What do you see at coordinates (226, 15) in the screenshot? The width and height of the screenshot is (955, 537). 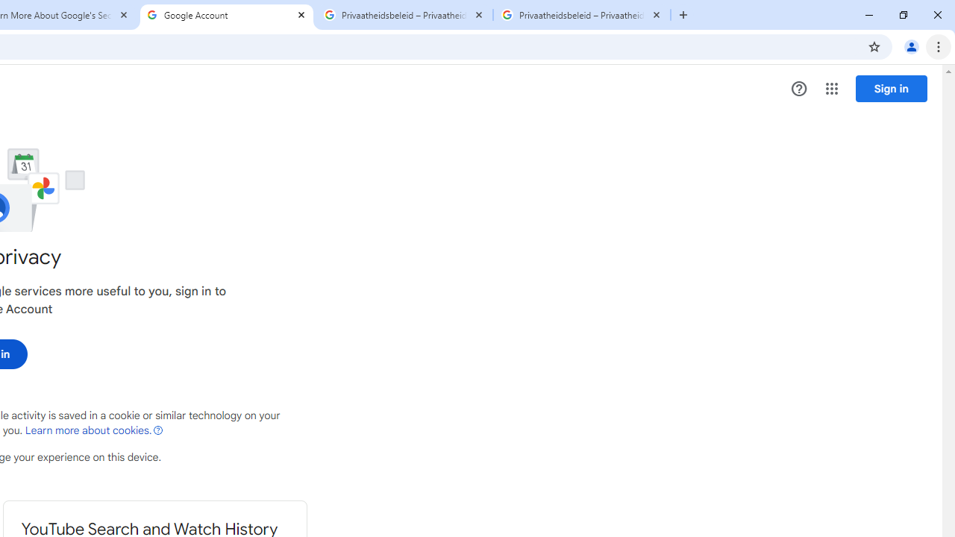 I see `'Google Account'` at bounding box center [226, 15].